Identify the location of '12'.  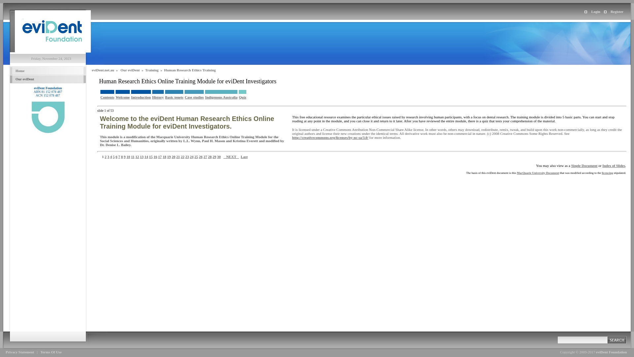
(135, 157).